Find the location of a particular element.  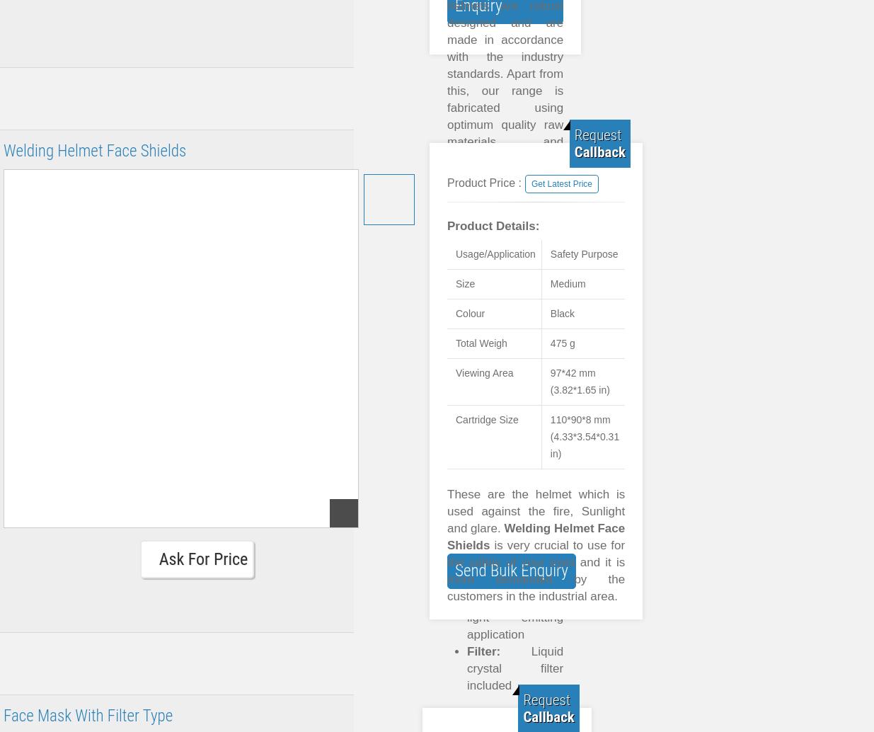

'High strength' is located at coordinates (502, 481).